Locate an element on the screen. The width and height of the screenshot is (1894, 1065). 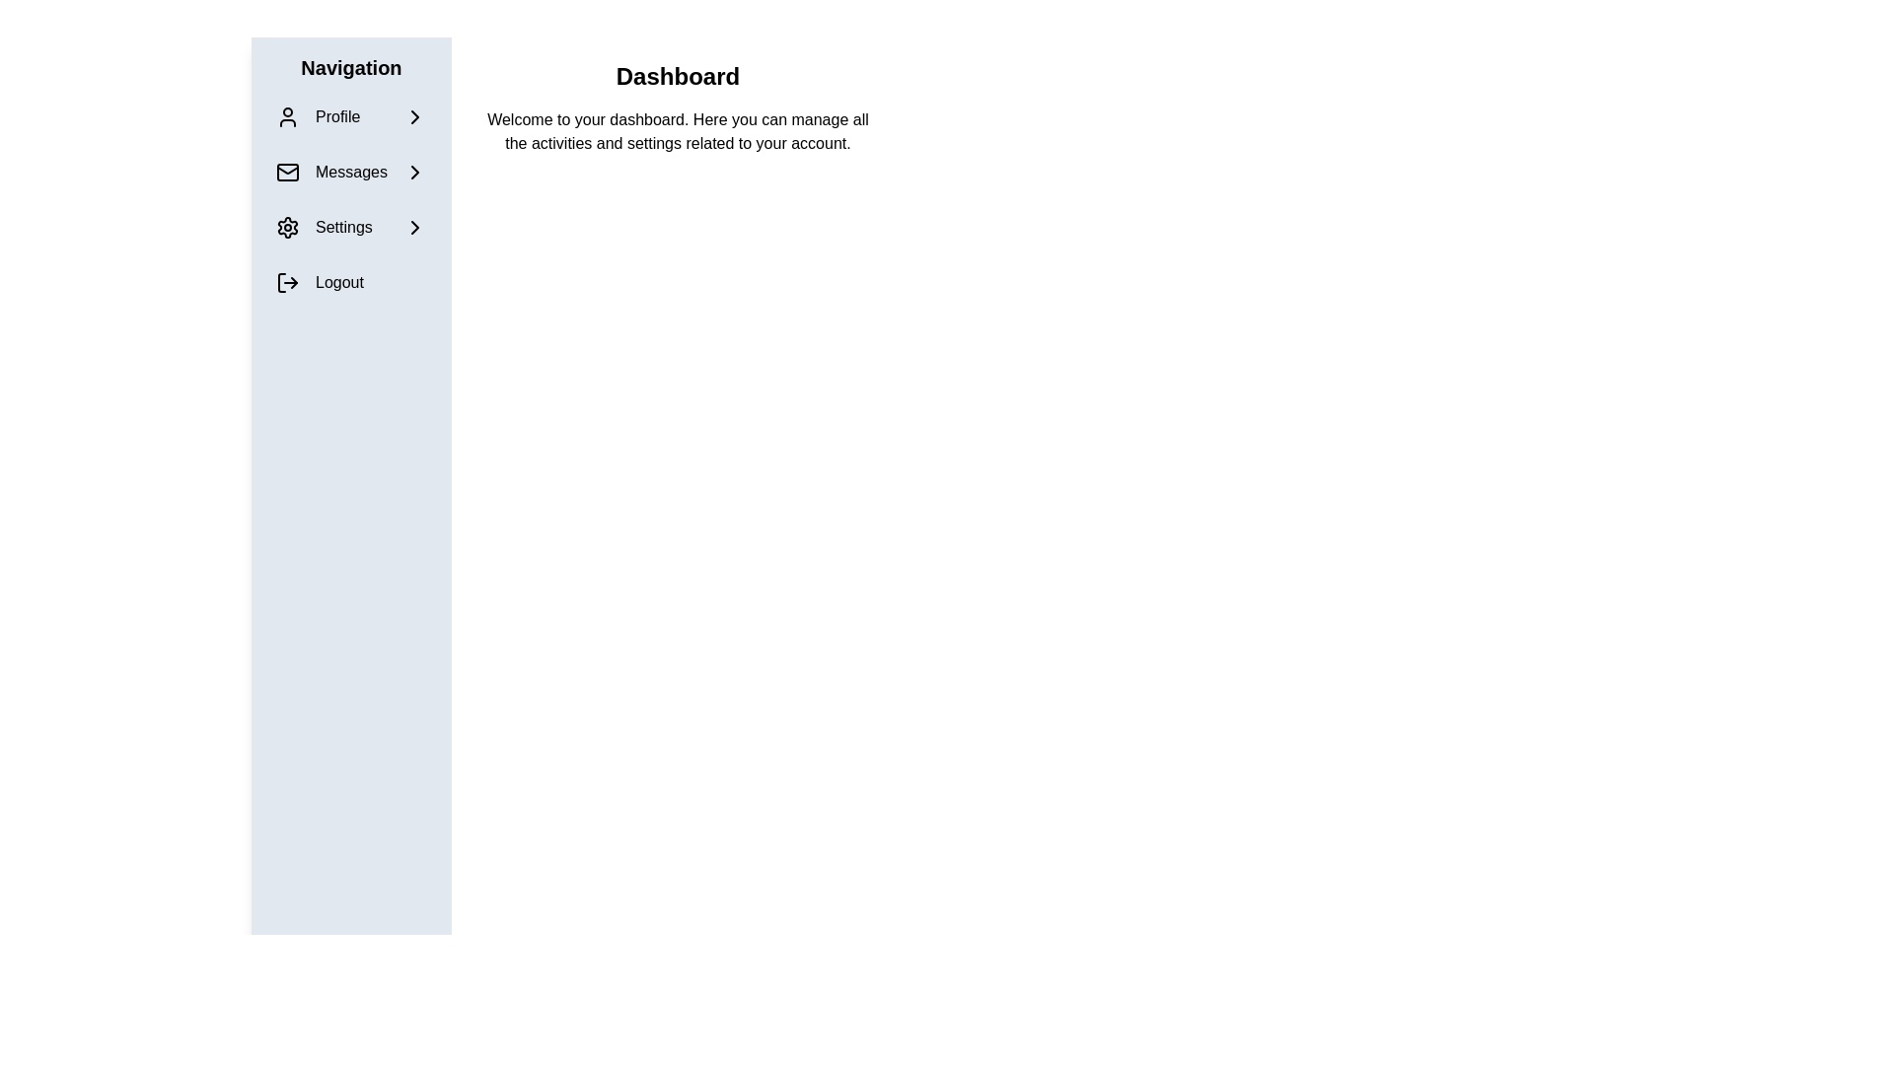
the 'Messages' menu option, which is the second item in the vertical navigation menu located on the left-hand side, positioned between the 'Profile' and 'Settings' options is located at coordinates (351, 171).